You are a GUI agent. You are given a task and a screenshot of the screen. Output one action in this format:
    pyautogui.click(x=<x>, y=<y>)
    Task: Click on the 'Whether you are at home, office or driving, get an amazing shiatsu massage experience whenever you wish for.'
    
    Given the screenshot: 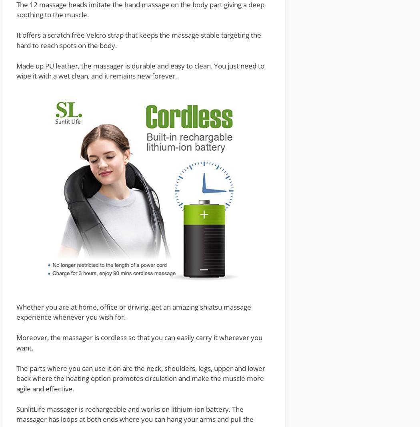 What is the action you would take?
    pyautogui.click(x=134, y=311)
    